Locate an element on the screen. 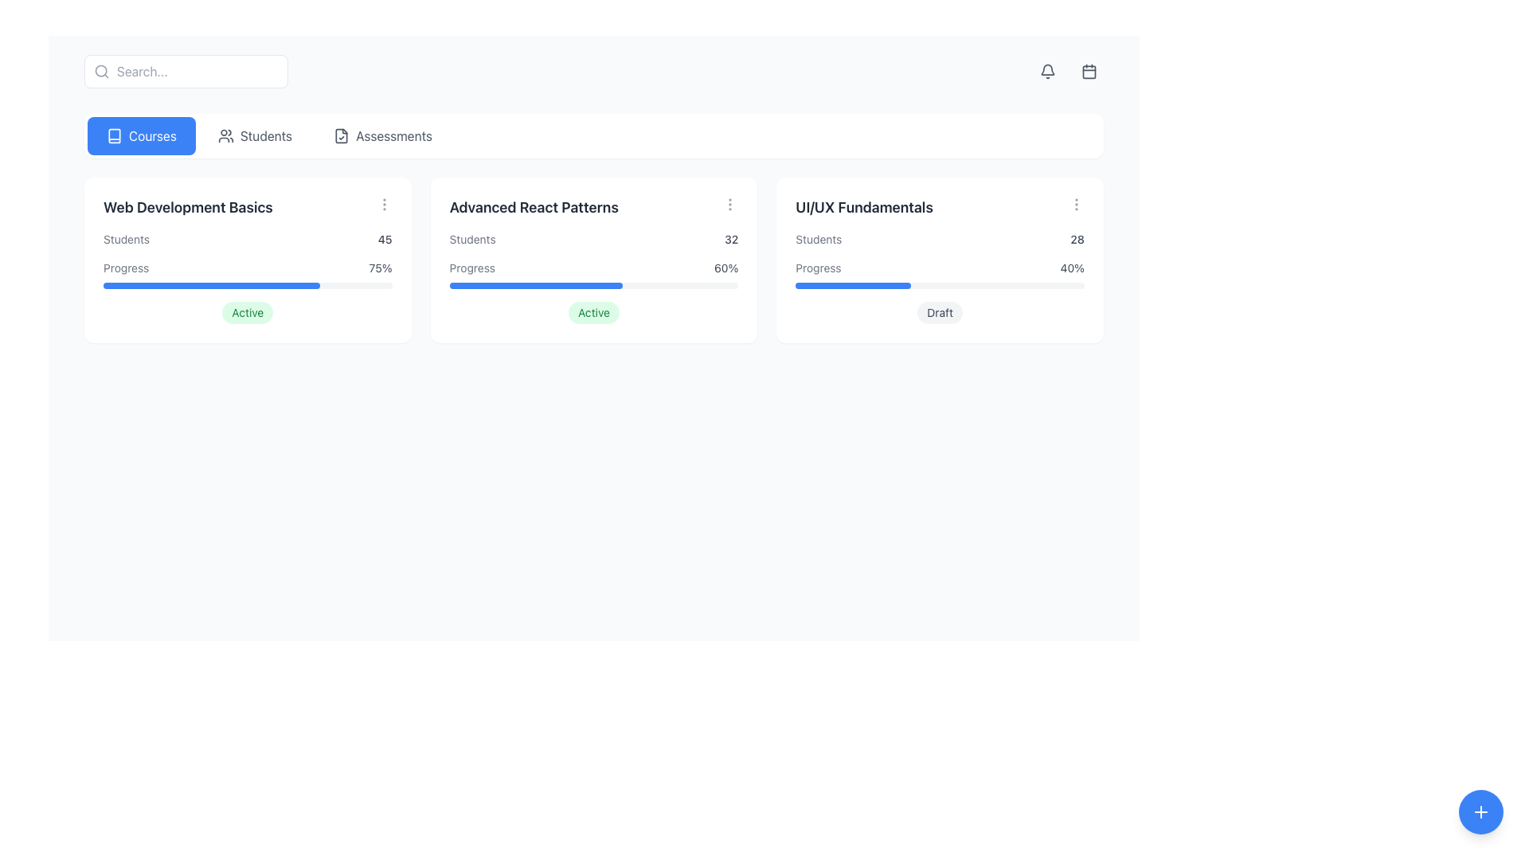 The height and width of the screenshot is (860, 1529). the 'Students' text label displayed in gray font at the top-left corner of the 'UI/UX Fundamentals' data card is located at coordinates (819, 239).